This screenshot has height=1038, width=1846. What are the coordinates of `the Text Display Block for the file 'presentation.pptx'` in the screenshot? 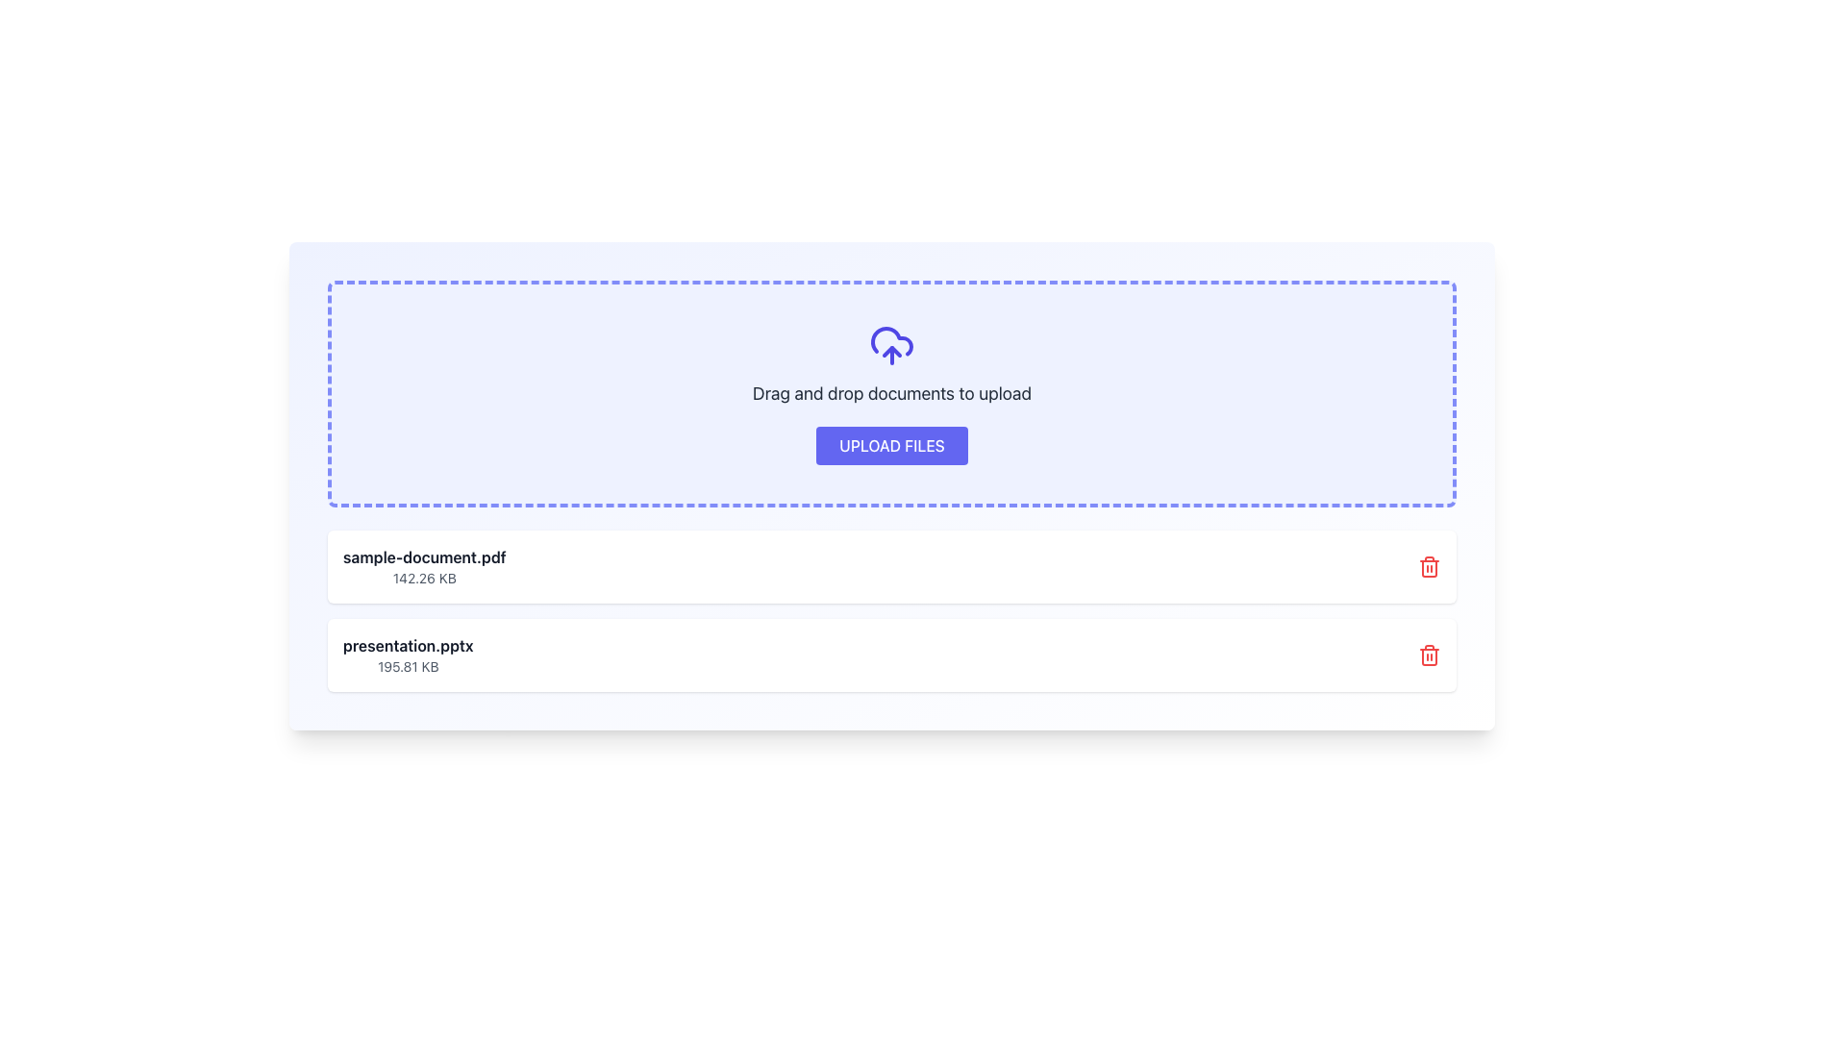 It's located at (407, 655).